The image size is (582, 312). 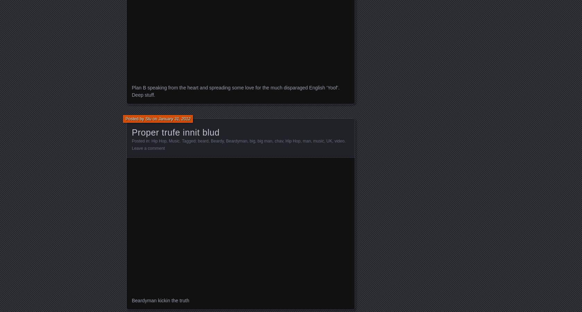 What do you see at coordinates (125, 119) in the screenshot?
I see `'Posted by'` at bounding box center [125, 119].